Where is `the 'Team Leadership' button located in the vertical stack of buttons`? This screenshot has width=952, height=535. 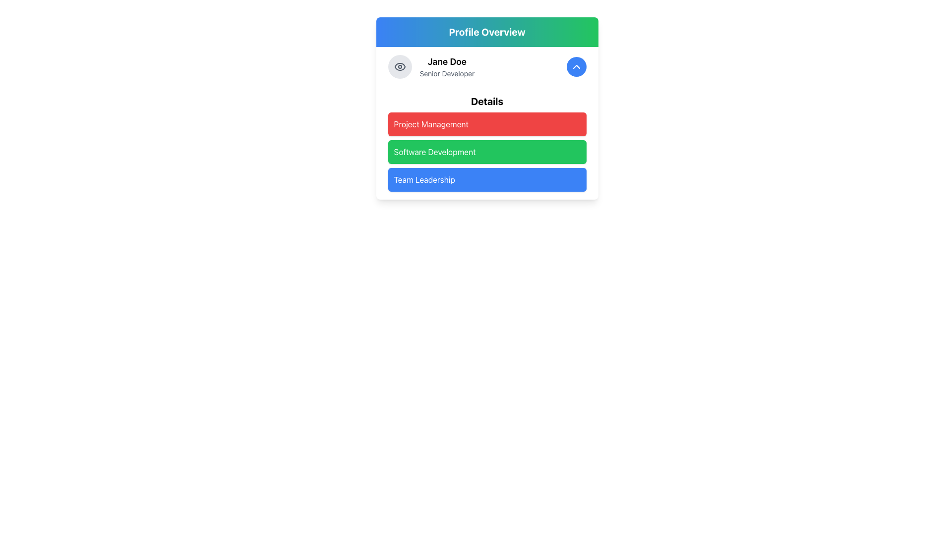
the 'Team Leadership' button located in the vertical stack of buttons is located at coordinates (487, 179).